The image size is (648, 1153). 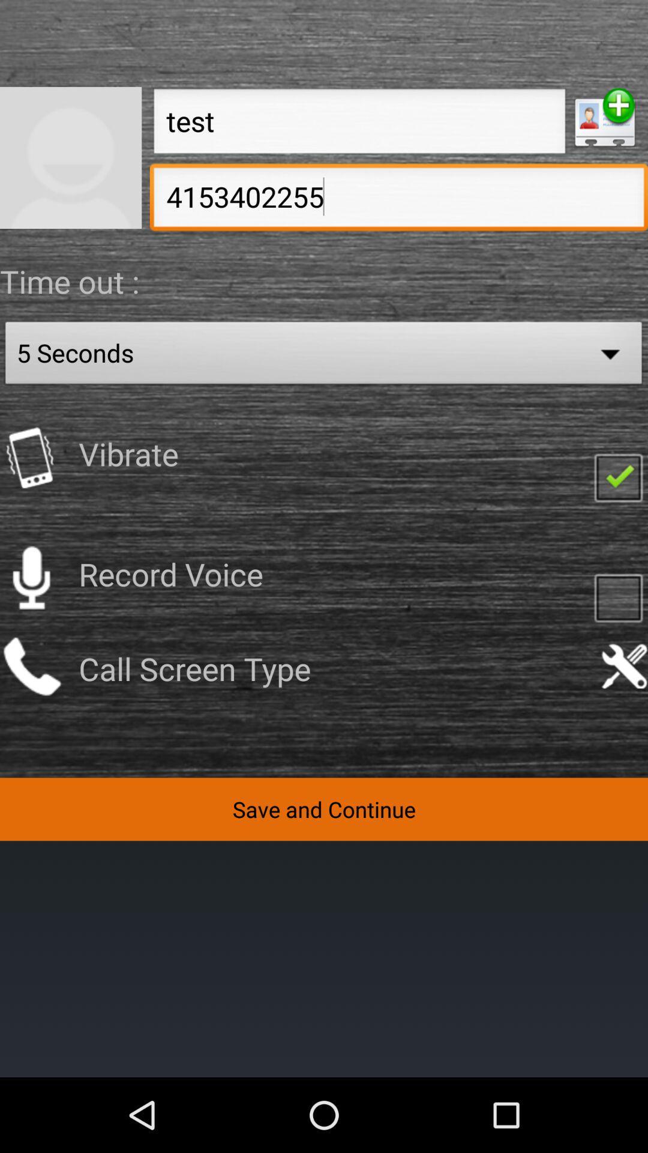 What do you see at coordinates (31, 578) in the screenshot?
I see `swtich on record voice` at bounding box center [31, 578].